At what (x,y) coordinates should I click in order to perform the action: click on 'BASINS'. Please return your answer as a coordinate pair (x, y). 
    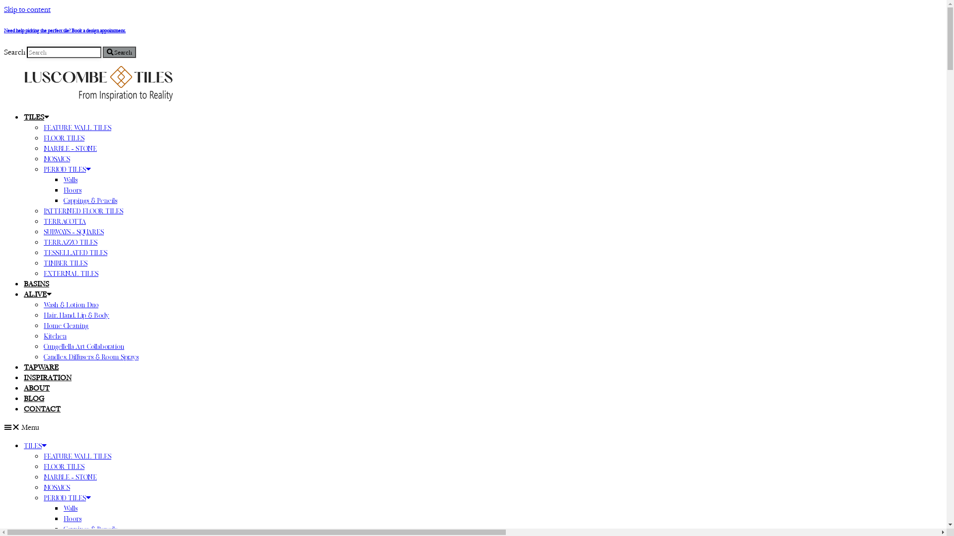
    Looking at the image, I should click on (36, 283).